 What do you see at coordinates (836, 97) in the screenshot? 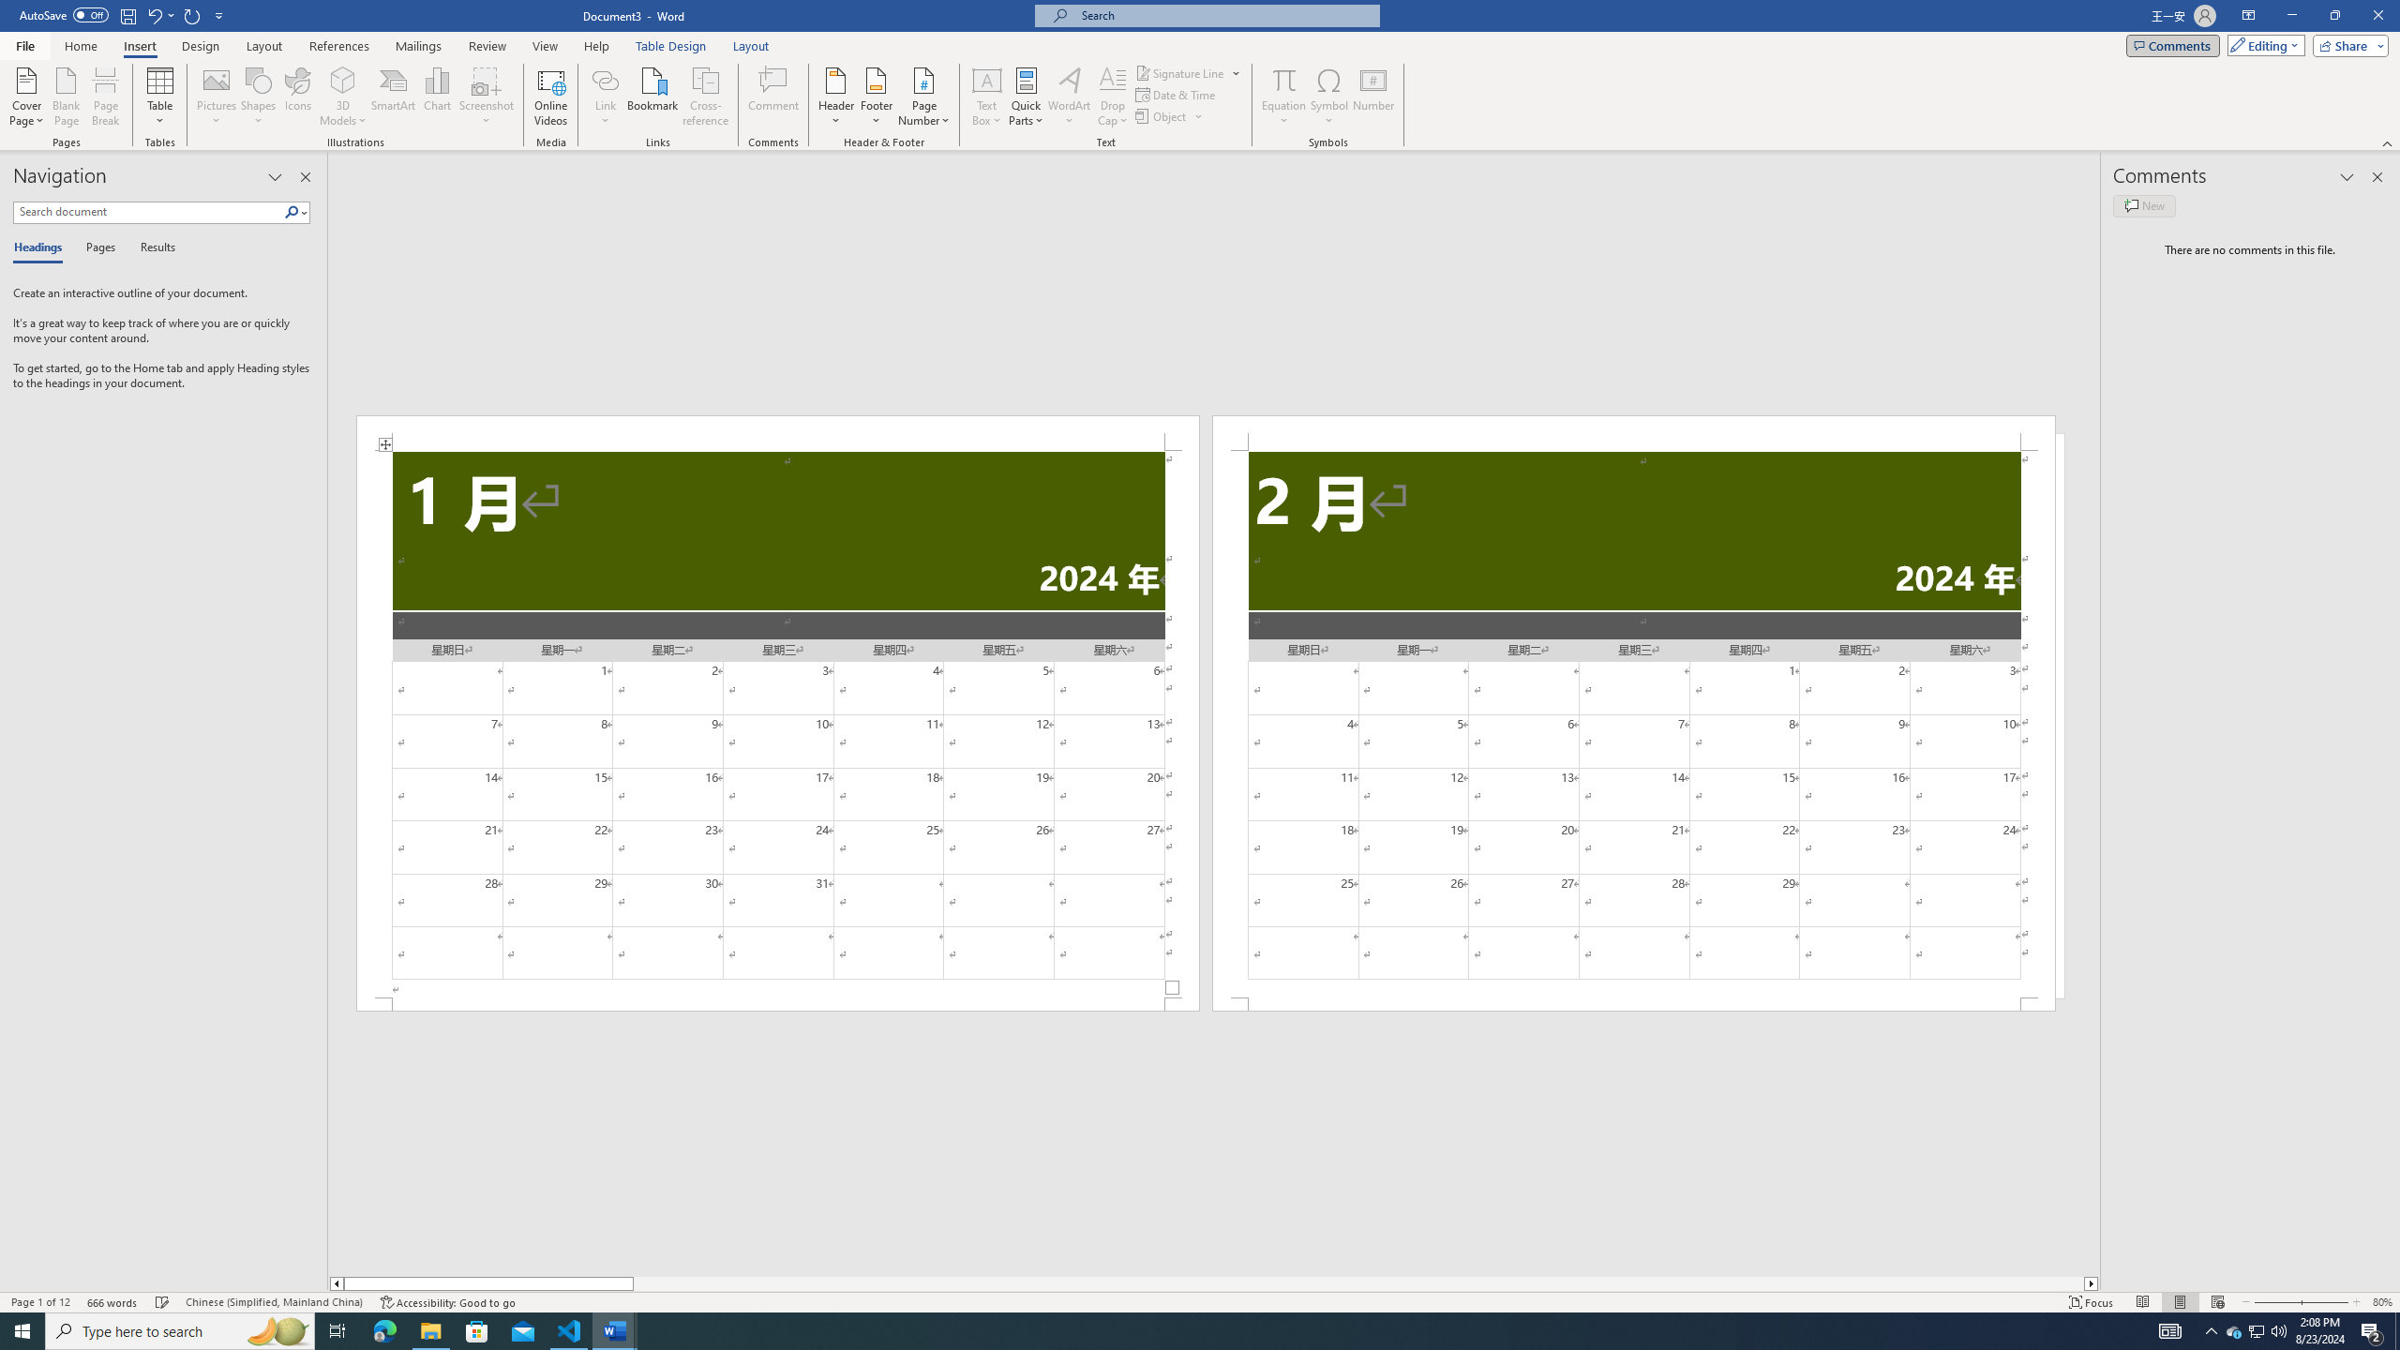
I see `'Header'` at bounding box center [836, 97].